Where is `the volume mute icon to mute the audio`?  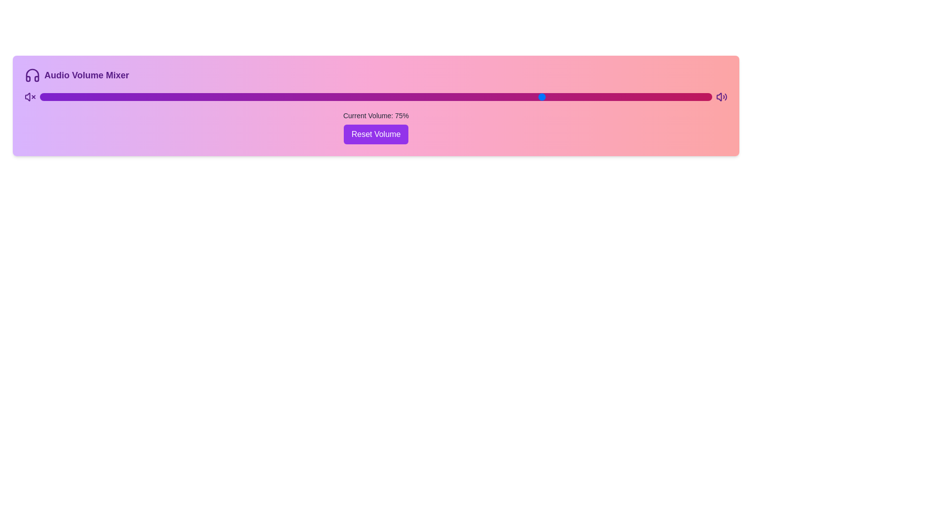
the volume mute icon to mute the audio is located at coordinates (30, 97).